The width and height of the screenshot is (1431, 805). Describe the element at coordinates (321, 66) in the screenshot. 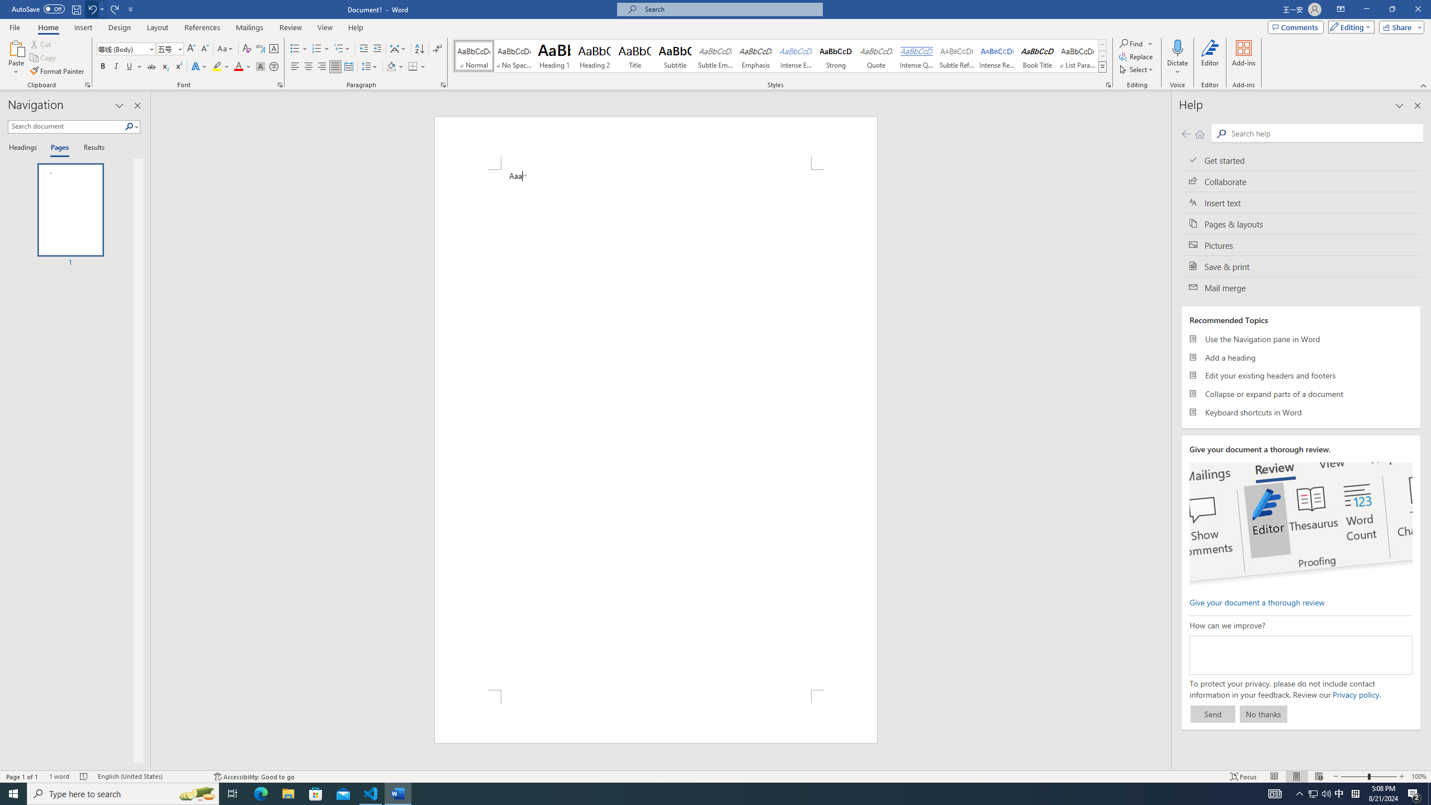

I see `'Align Right'` at that location.